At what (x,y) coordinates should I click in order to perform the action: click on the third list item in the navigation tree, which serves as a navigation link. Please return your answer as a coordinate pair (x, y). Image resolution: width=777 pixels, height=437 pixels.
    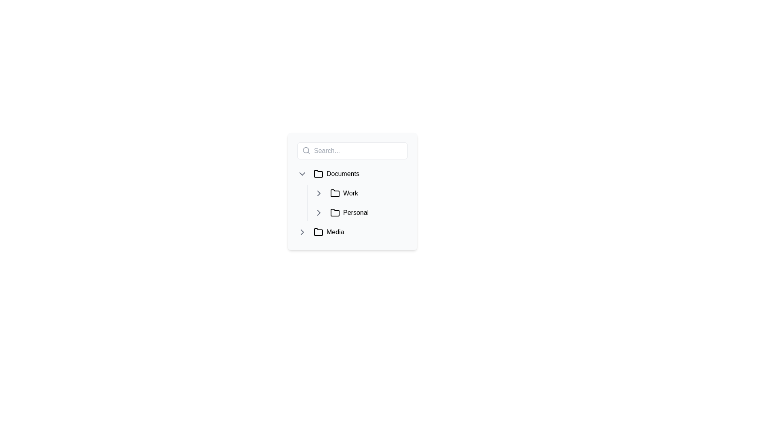
    Looking at the image, I should click on (359, 232).